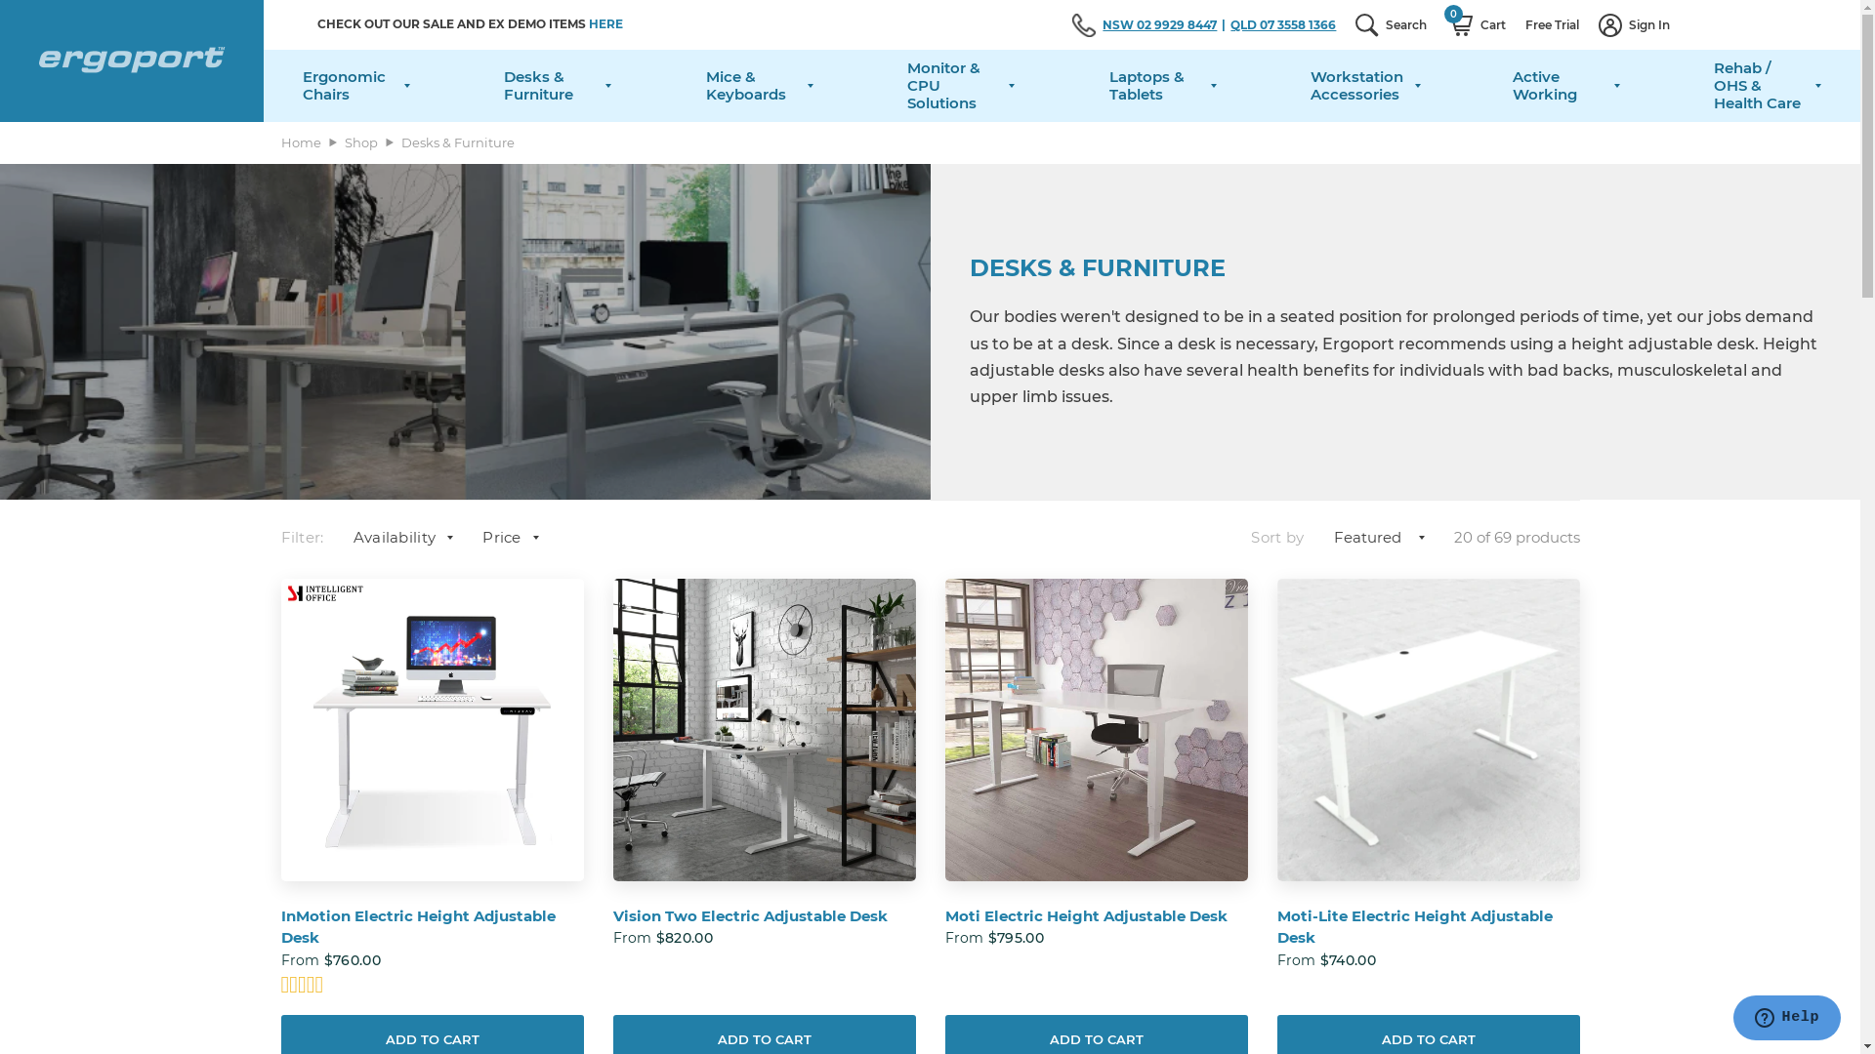 The width and height of the screenshot is (1875, 1054). What do you see at coordinates (1283, 24) in the screenshot?
I see `'QLD 07 3558 1366'` at bounding box center [1283, 24].